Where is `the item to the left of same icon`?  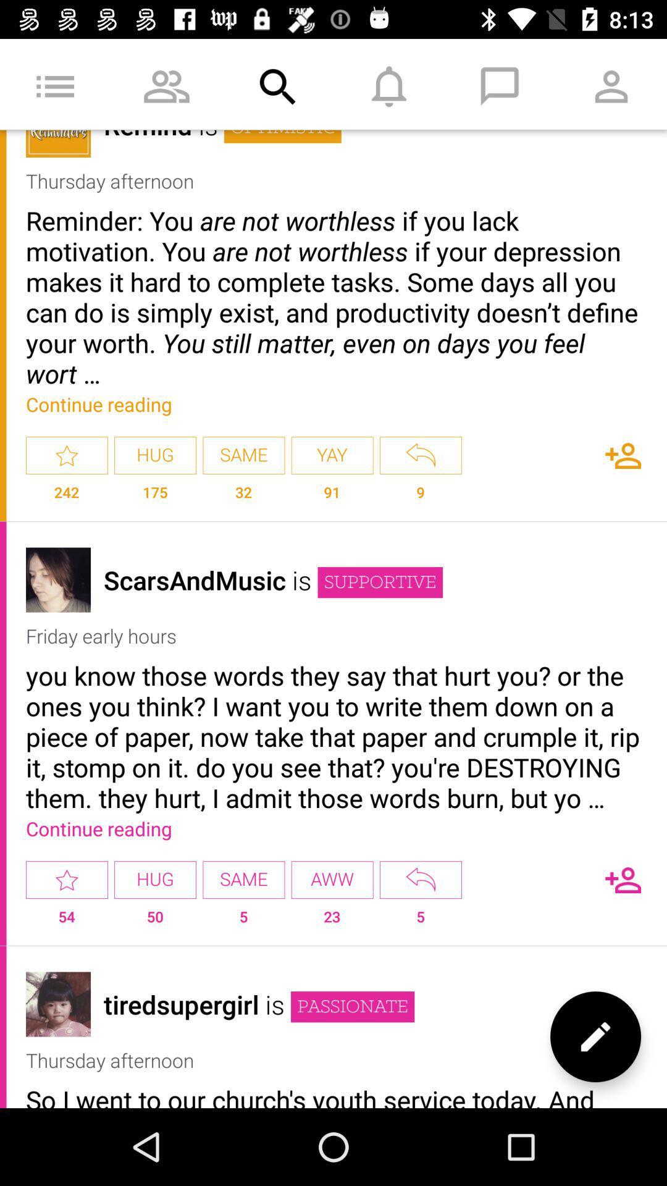 the item to the left of same icon is located at coordinates (154, 922).